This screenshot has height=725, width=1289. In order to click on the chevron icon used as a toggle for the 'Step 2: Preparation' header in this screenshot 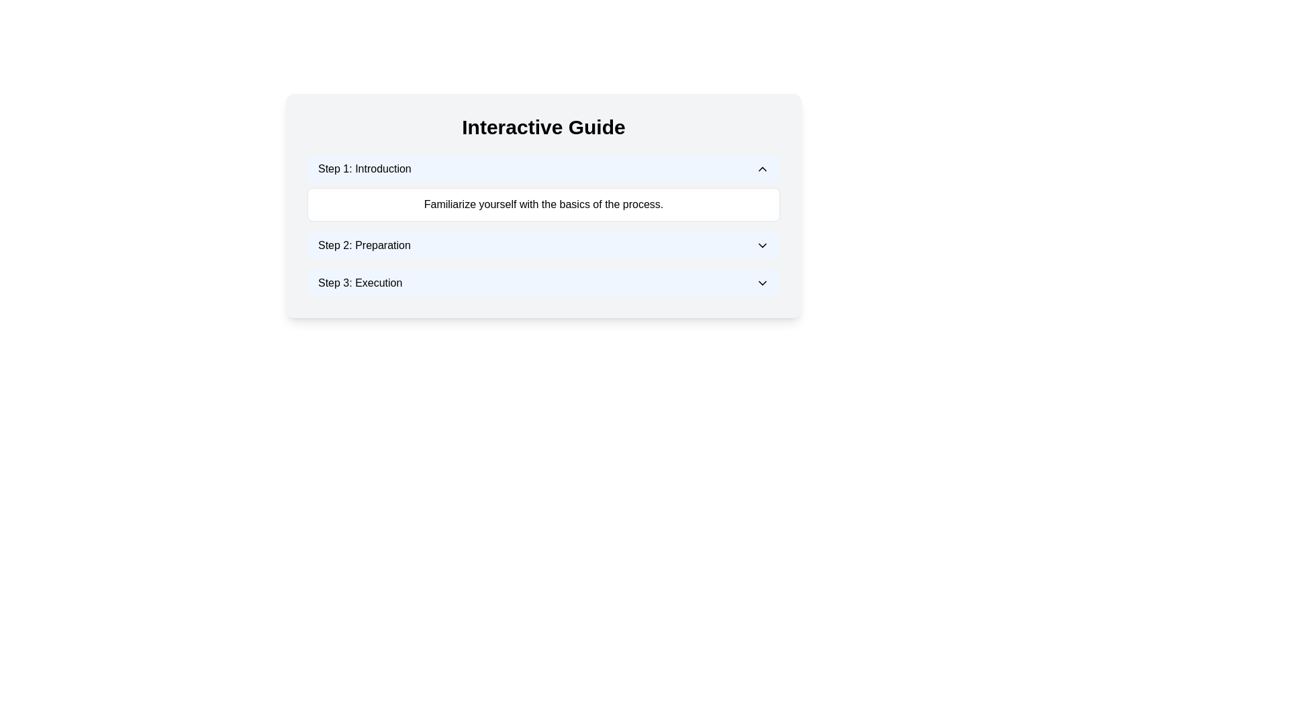, I will do `click(763, 246)`.